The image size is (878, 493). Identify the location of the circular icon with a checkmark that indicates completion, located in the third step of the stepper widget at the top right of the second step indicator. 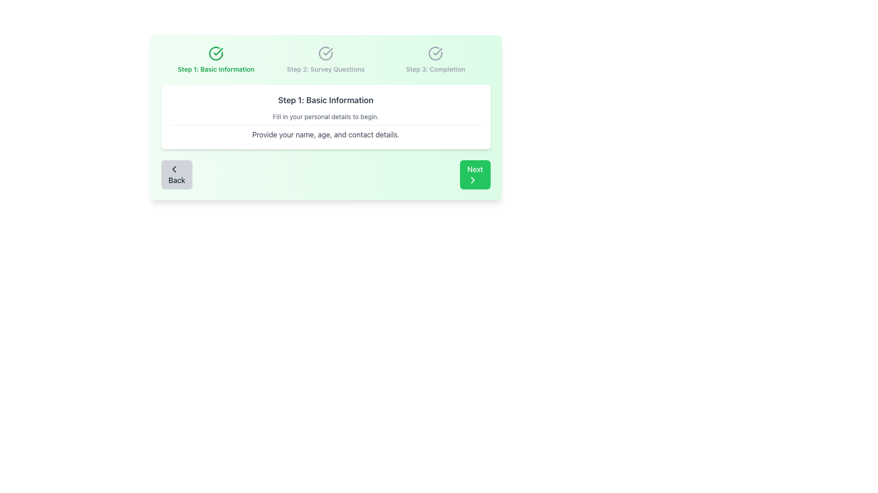
(435, 53).